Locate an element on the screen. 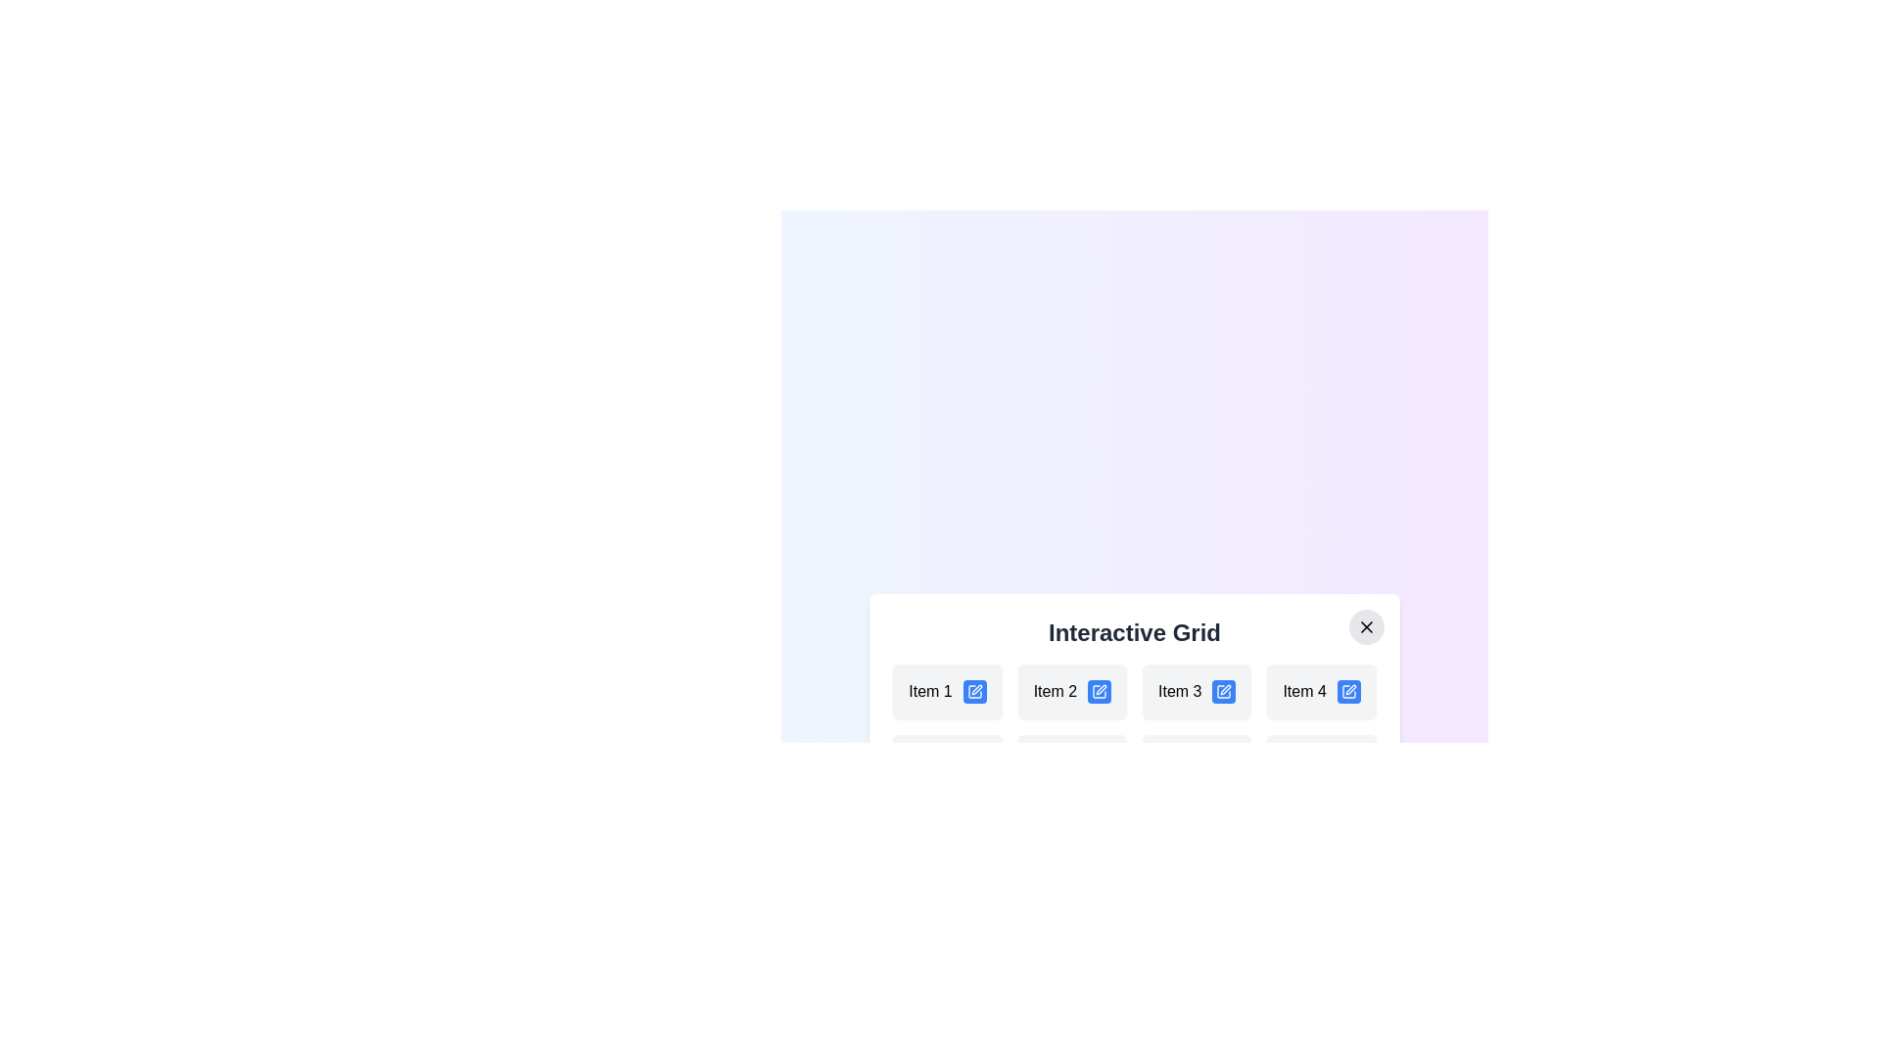 The height and width of the screenshot is (1057, 1880). the close button to close the dialog is located at coordinates (1365, 626).